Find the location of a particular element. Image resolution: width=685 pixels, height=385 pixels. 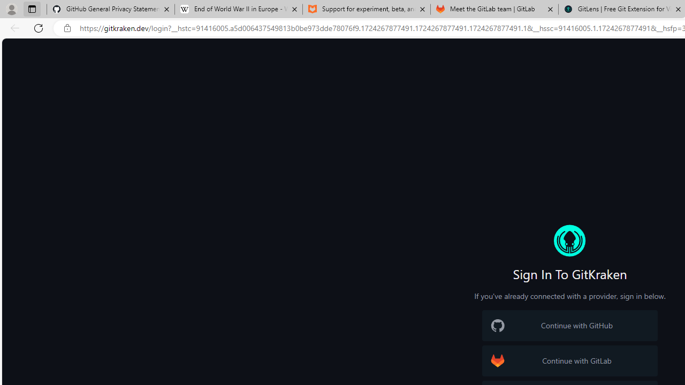

'GitKraken' is located at coordinates (569, 241).